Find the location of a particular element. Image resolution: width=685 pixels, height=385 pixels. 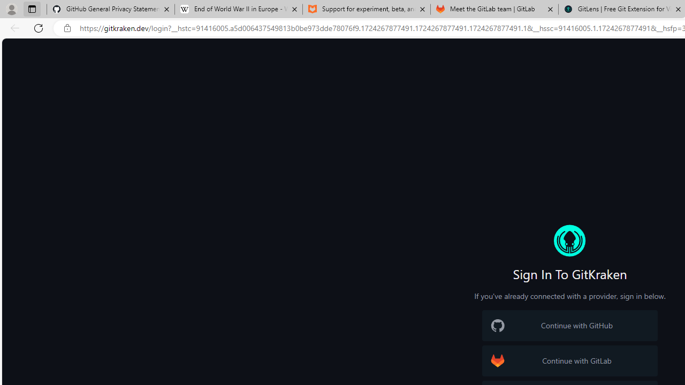

'GitKraken' is located at coordinates (569, 241).